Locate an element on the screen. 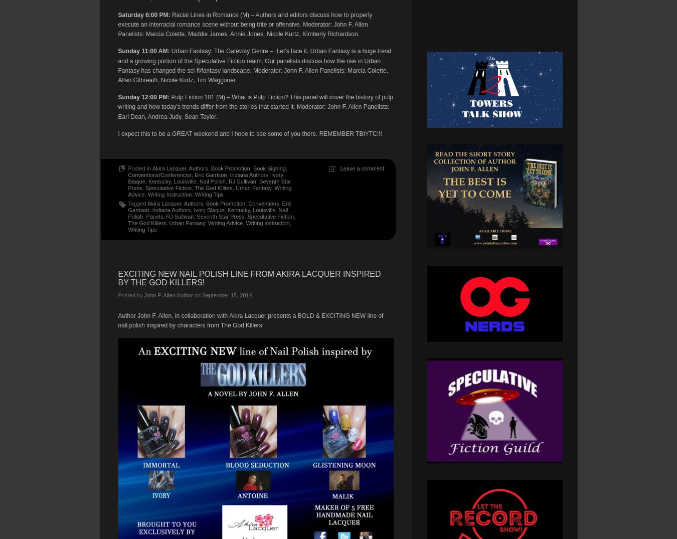  'Leave a comment' is located at coordinates (361, 167).